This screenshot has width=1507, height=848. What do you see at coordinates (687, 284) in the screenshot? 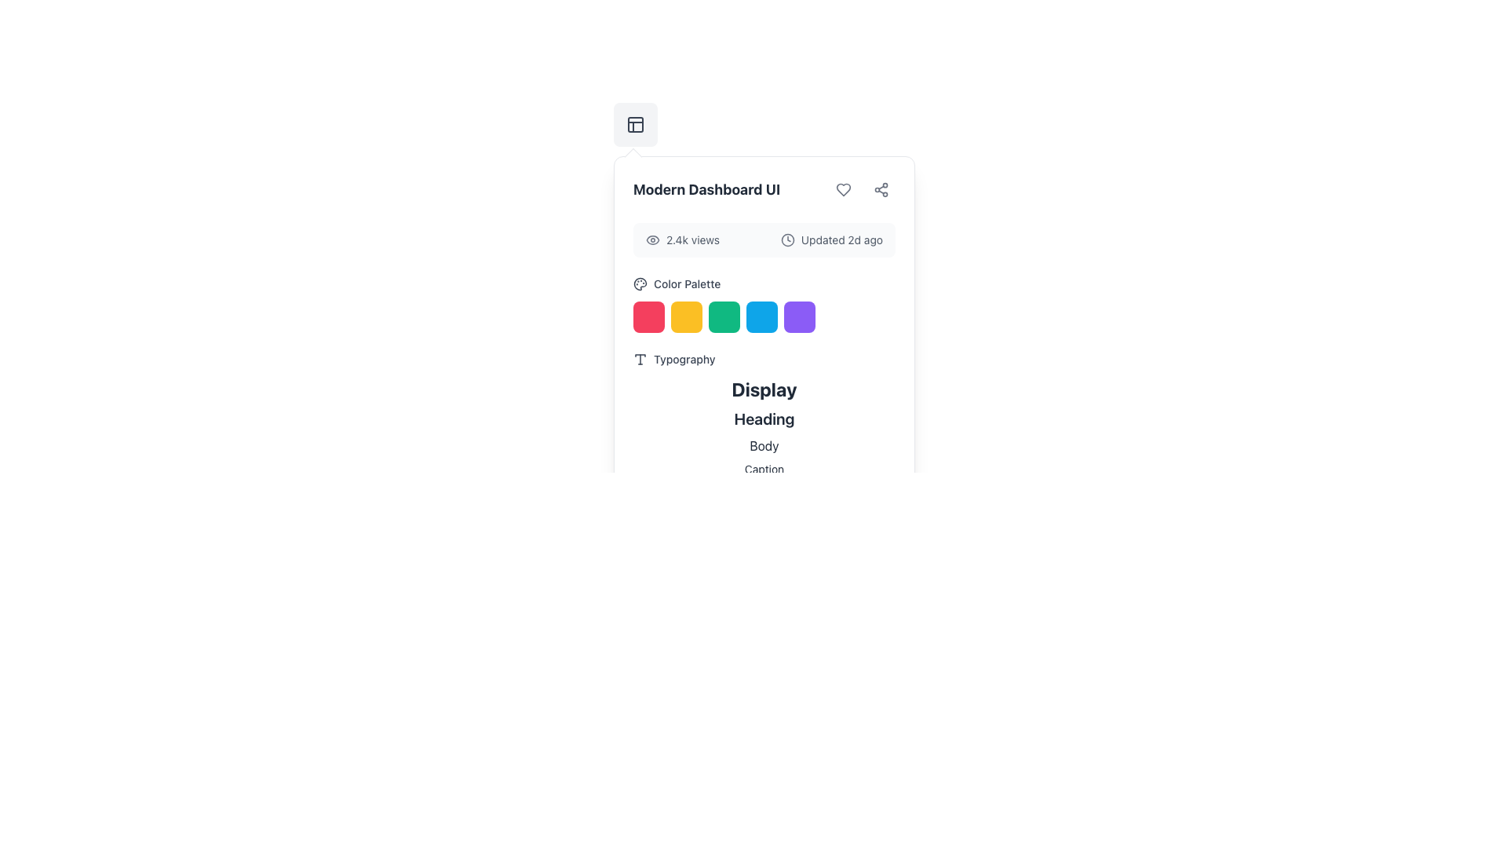
I see `the 'Color Palette' label, which is styled in gray with a small font size and medium weight, located at the top section of the card interface` at bounding box center [687, 284].